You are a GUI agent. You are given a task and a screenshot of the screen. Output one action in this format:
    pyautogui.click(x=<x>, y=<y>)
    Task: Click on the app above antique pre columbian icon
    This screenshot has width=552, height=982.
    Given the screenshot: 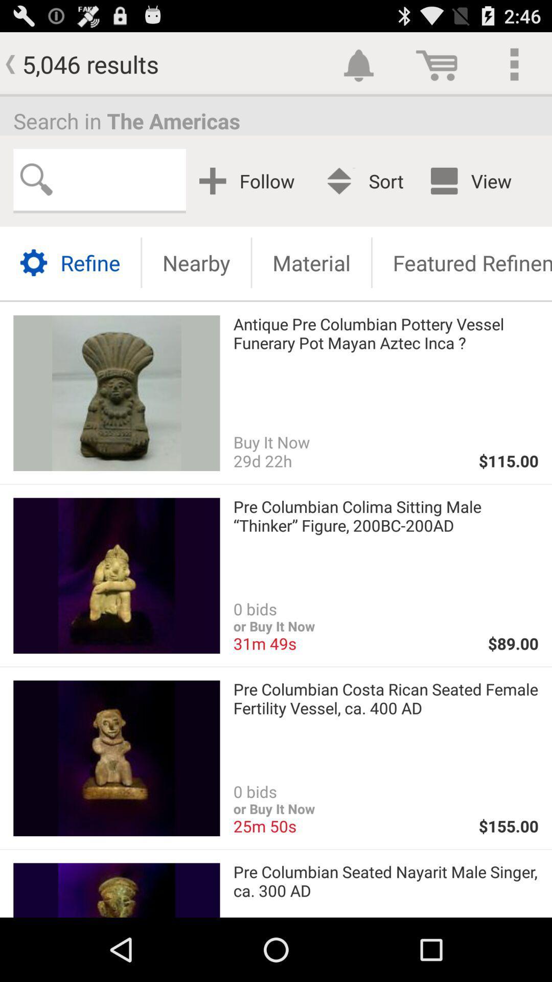 What is the action you would take?
    pyautogui.click(x=311, y=262)
    